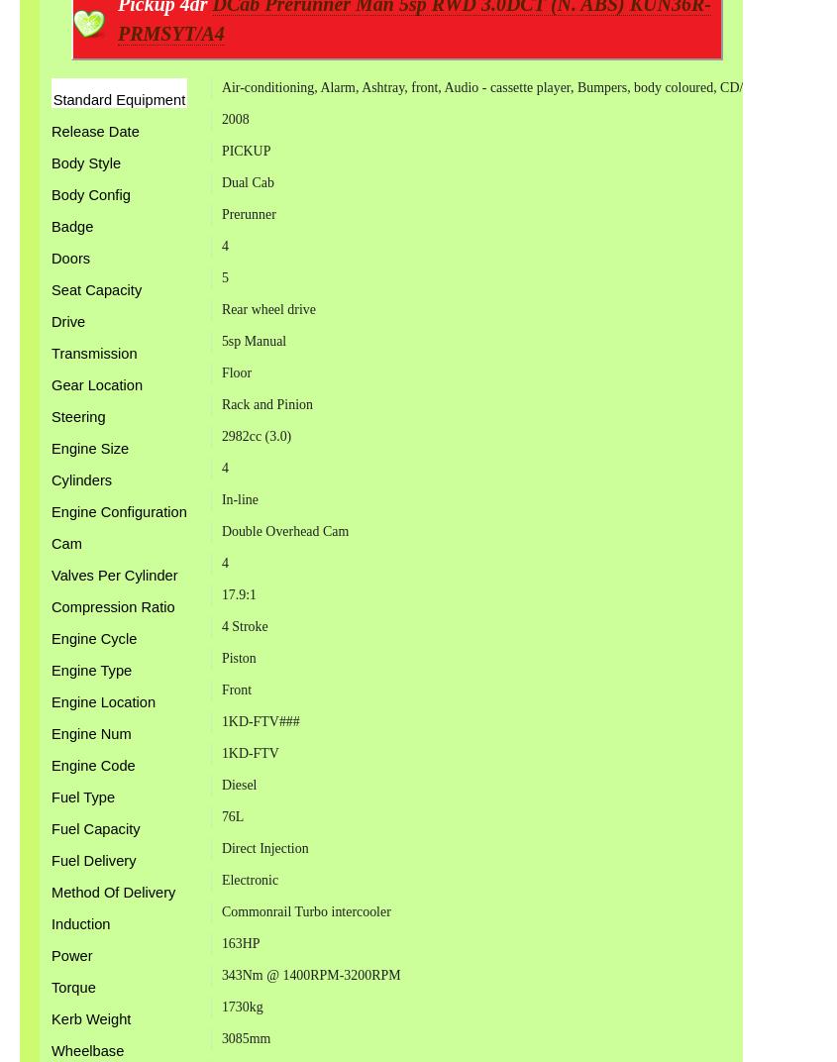 Image resolution: width=837 pixels, height=1062 pixels. What do you see at coordinates (243, 626) in the screenshot?
I see `'4 Stroke'` at bounding box center [243, 626].